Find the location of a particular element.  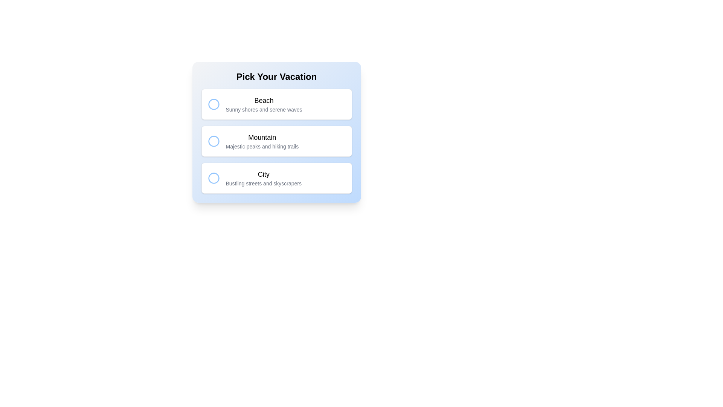

the radio button is located at coordinates (213, 104).